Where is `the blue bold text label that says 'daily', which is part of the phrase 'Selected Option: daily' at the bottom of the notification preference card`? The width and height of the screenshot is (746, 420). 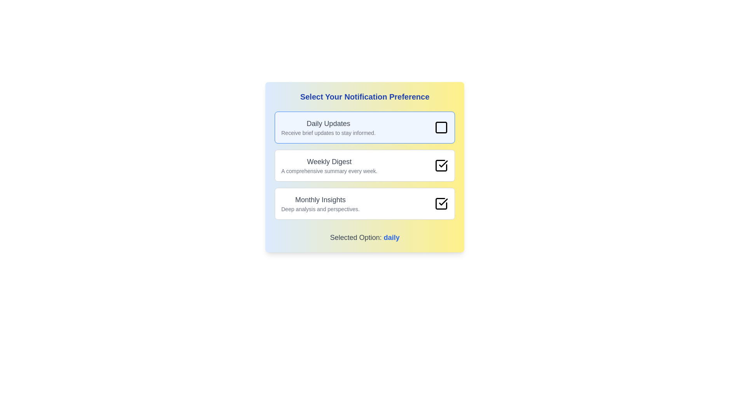
the blue bold text label that says 'daily', which is part of the phrase 'Selected Option: daily' at the bottom of the notification preference card is located at coordinates (392, 237).